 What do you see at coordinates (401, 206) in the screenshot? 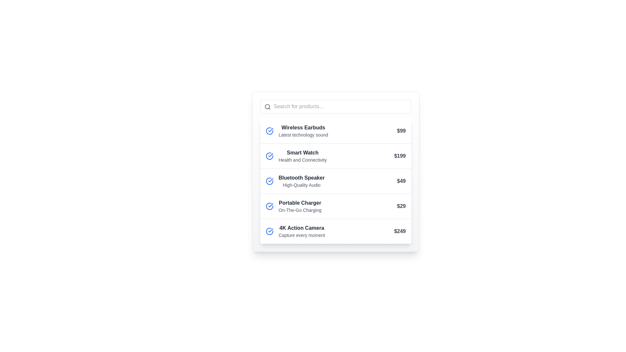
I see `the price text label for the 'Portable Charger' product, which is located at the far right of the product entry in the list, providing the price indication` at bounding box center [401, 206].